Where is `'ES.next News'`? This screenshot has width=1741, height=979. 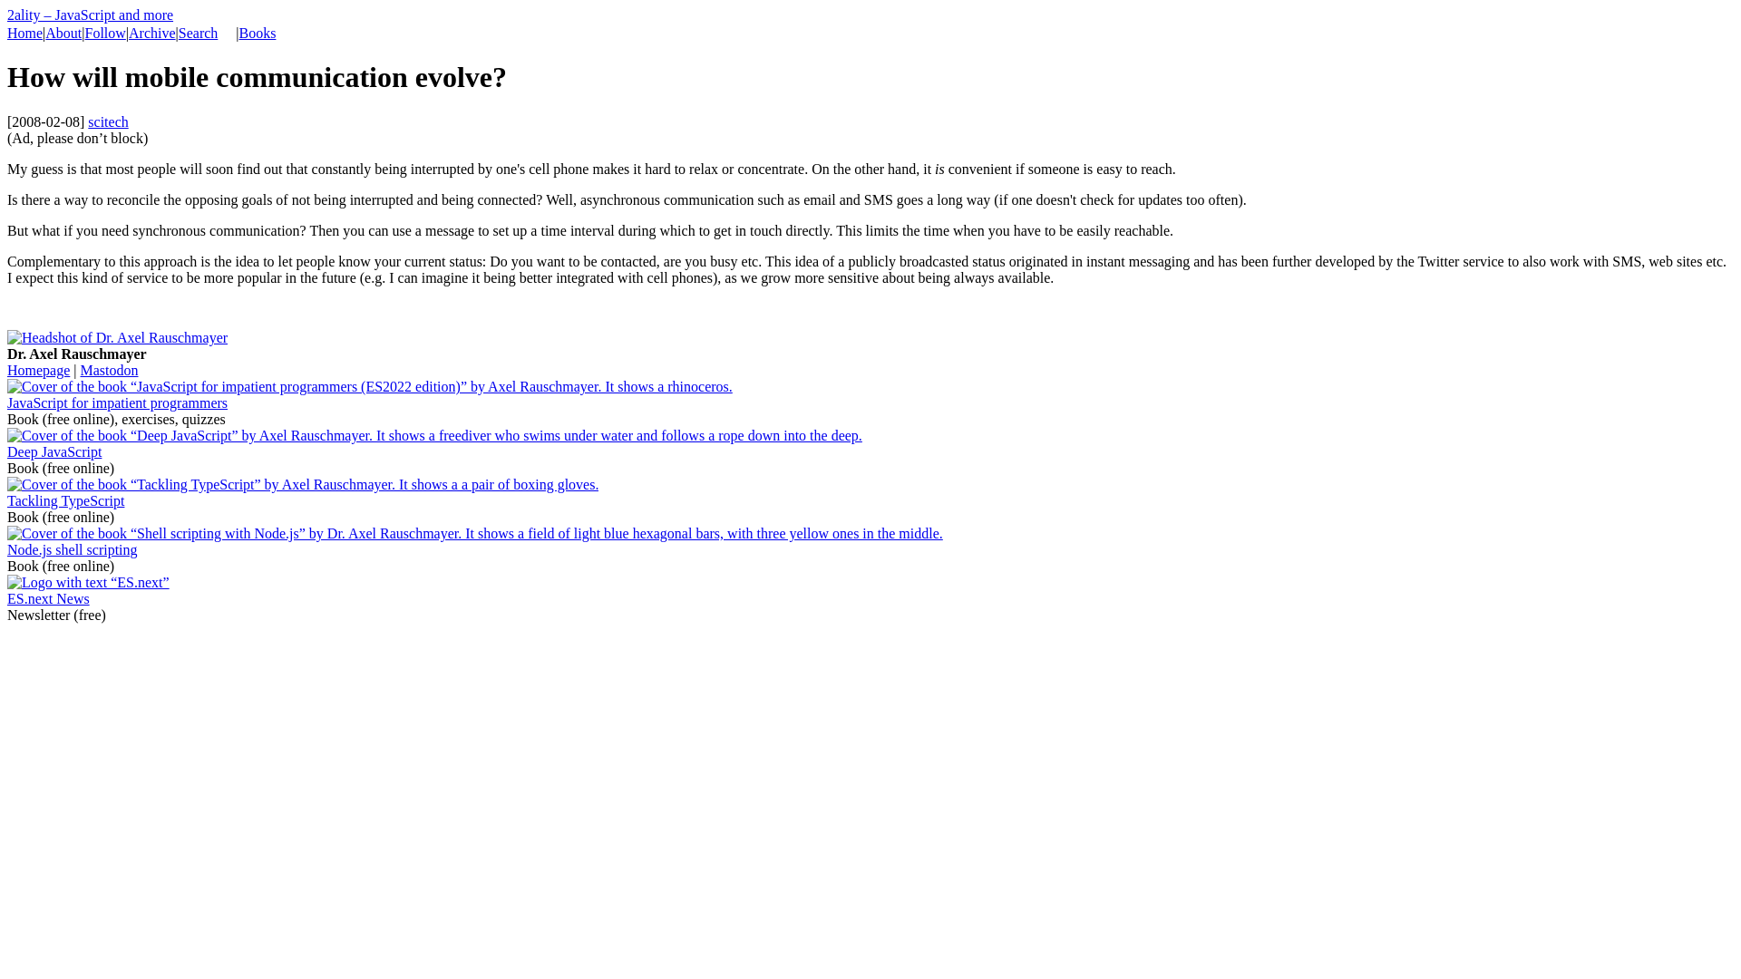
'ES.next News' is located at coordinates (7, 598).